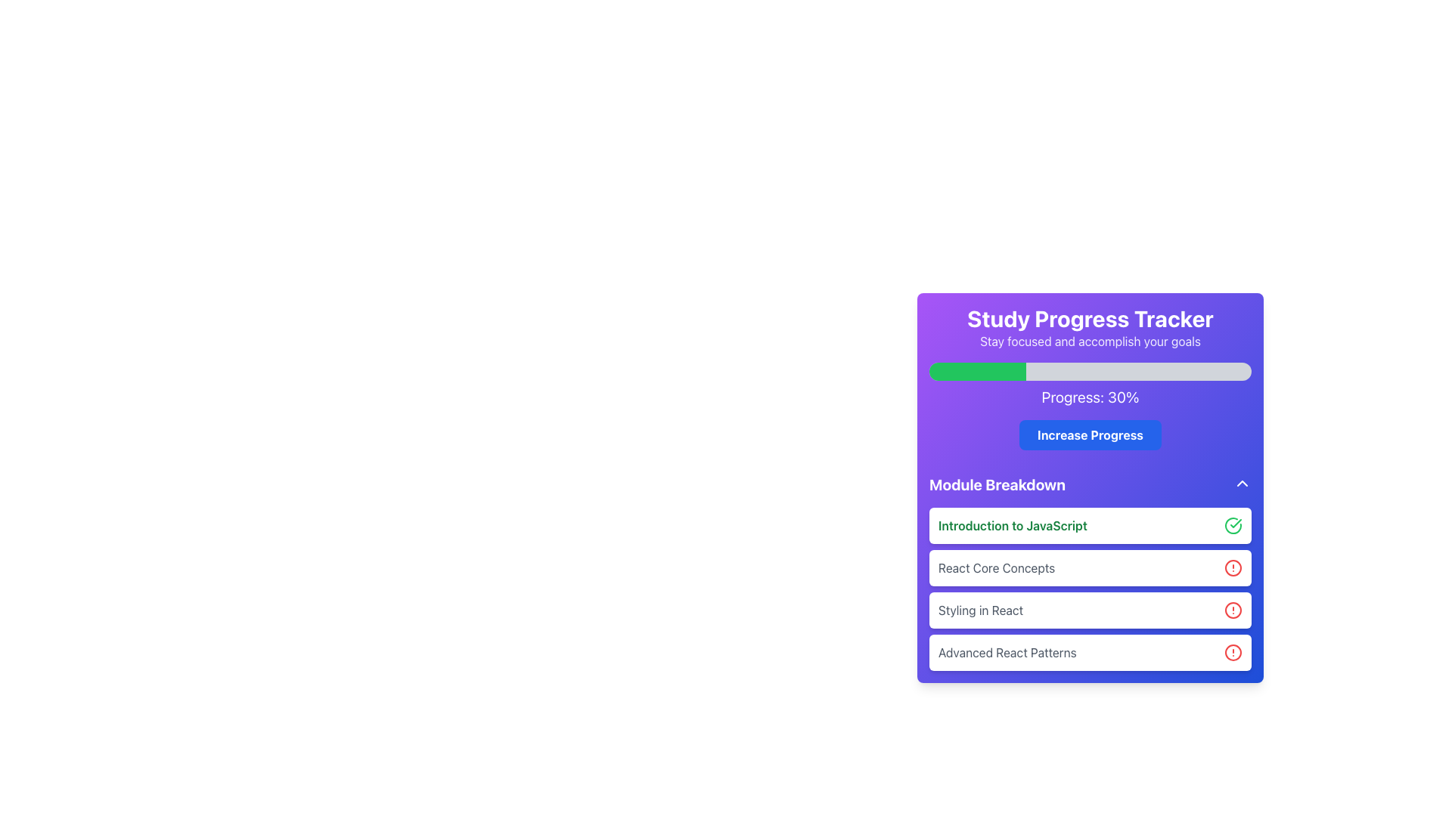 The width and height of the screenshot is (1452, 816). What do you see at coordinates (981, 609) in the screenshot?
I see `the text element displaying 'Styling in React' within the 'Module Breakdown' section, which is the third item in the list` at bounding box center [981, 609].